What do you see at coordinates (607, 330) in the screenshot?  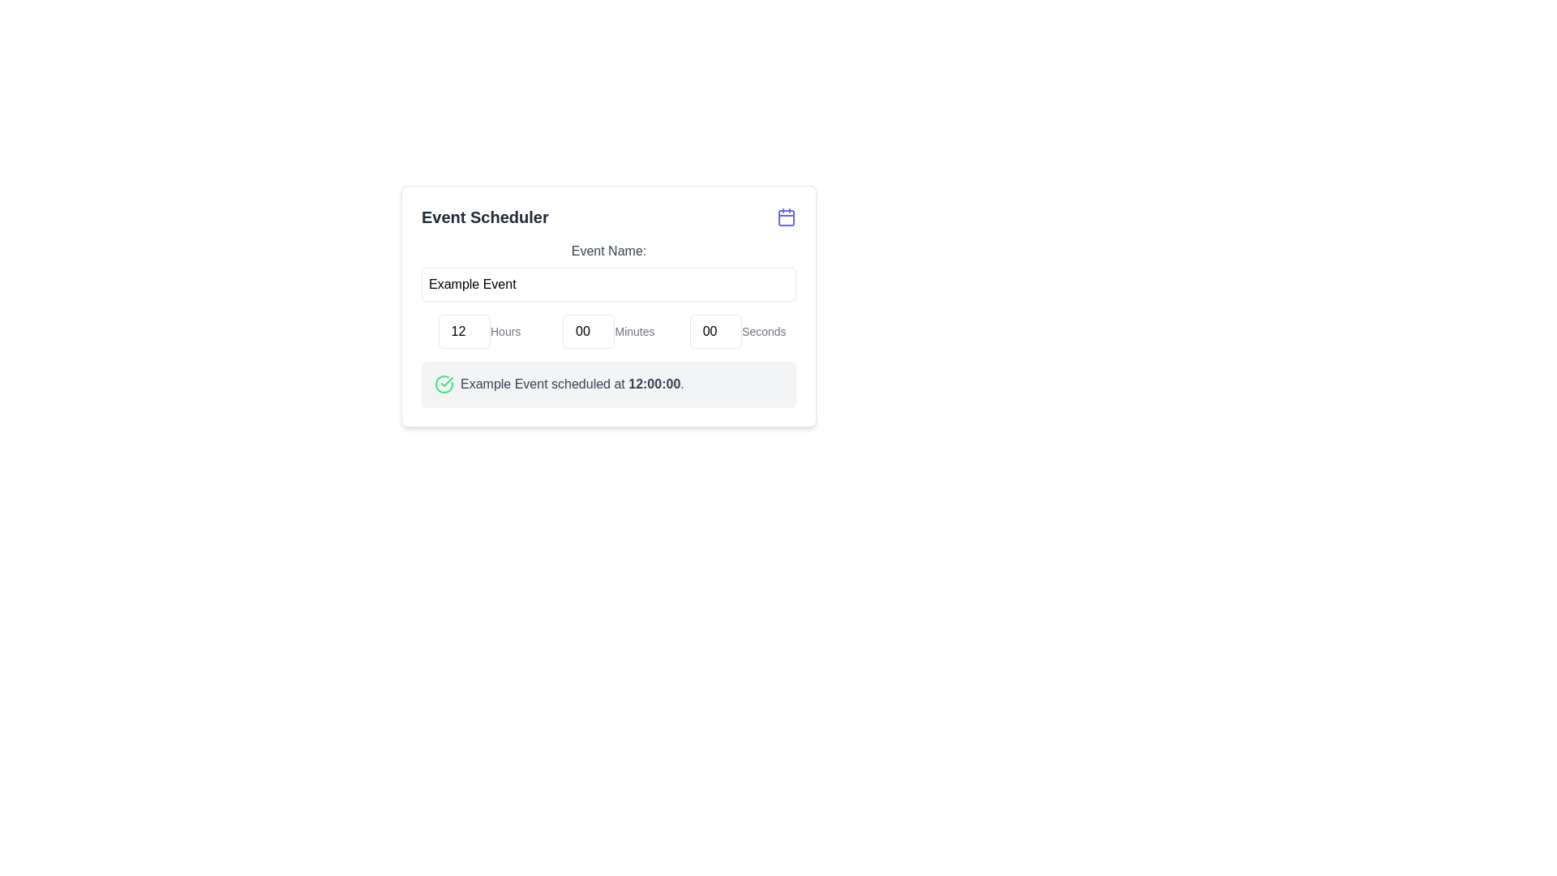 I see `the 'Minutes' label associated with the numeric input field to read its description` at bounding box center [607, 330].